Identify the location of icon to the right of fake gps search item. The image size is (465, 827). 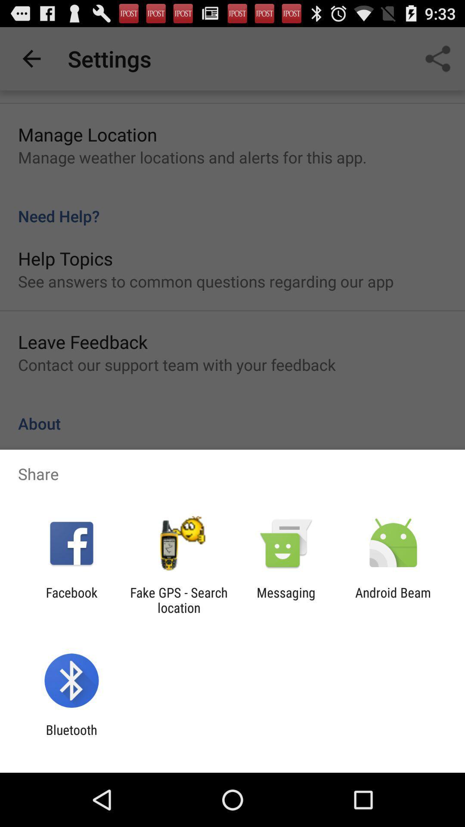
(286, 600).